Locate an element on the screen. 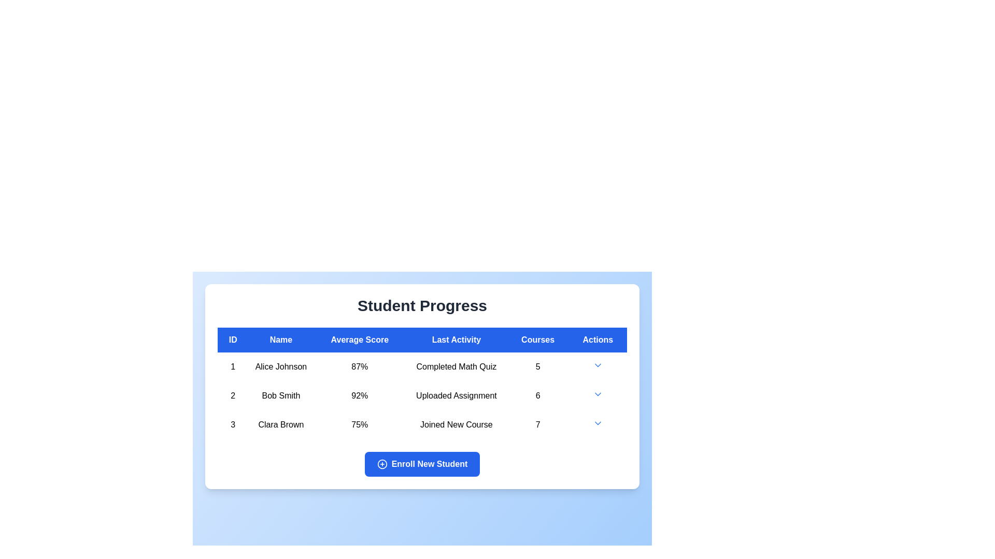  the static text element displaying the number '2' located in the second row of the table under the 'ID' column is located at coordinates (232, 395).